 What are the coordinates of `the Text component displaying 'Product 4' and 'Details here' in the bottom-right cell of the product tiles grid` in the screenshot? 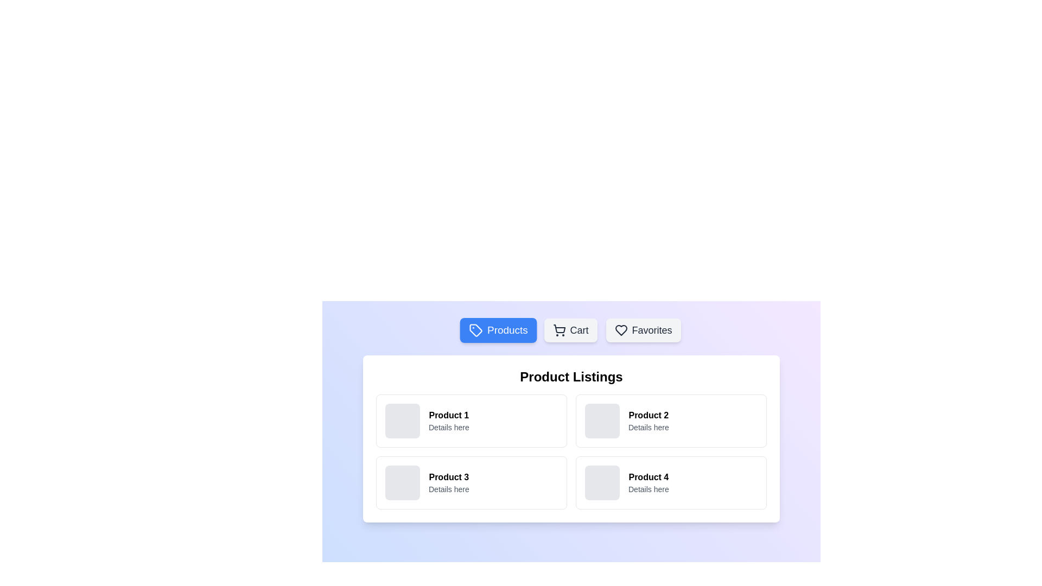 It's located at (649, 482).